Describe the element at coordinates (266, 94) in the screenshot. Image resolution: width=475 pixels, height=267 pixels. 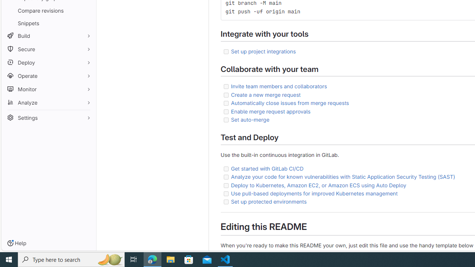
I see `'Create a new merge request'` at that location.